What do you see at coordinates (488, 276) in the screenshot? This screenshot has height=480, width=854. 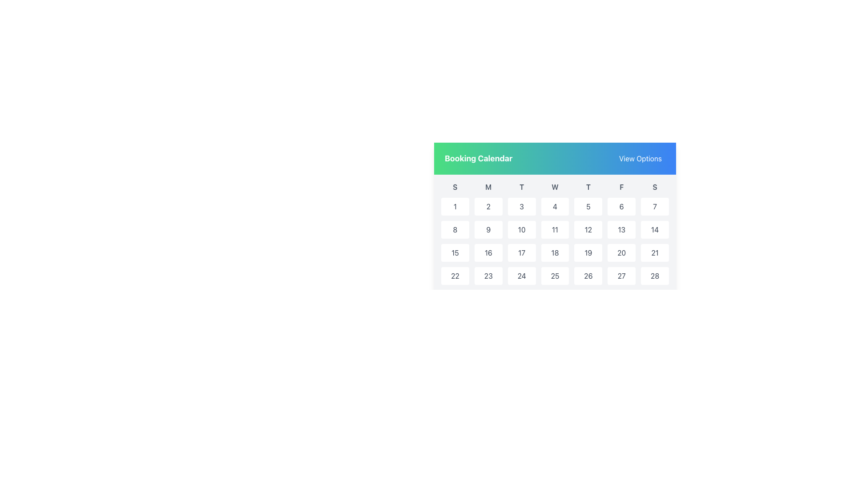 I see `the date '23' in the calendar interface` at bounding box center [488, 276].